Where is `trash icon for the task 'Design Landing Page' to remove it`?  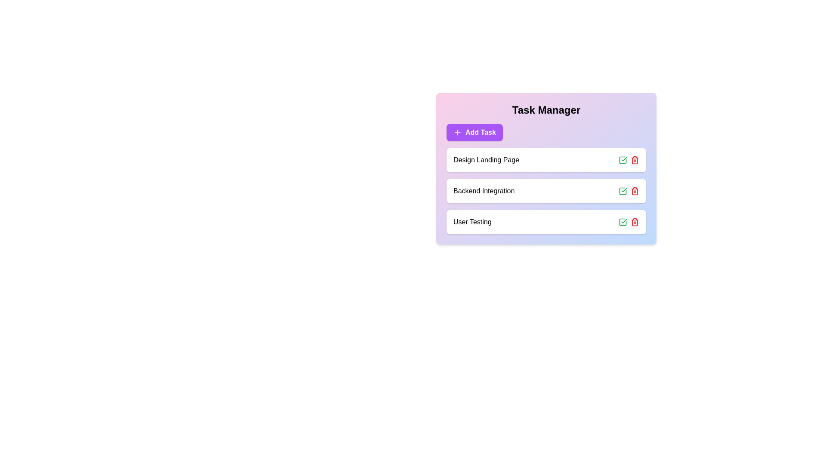
trash icon for the task 'Design Landing Page' to remove it is located at coordinates (635, 160).